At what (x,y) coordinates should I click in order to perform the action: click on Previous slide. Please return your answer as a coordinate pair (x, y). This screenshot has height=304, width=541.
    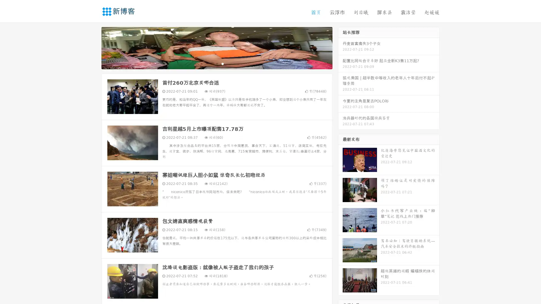
    Looking at the image, I should click on (93, 47).